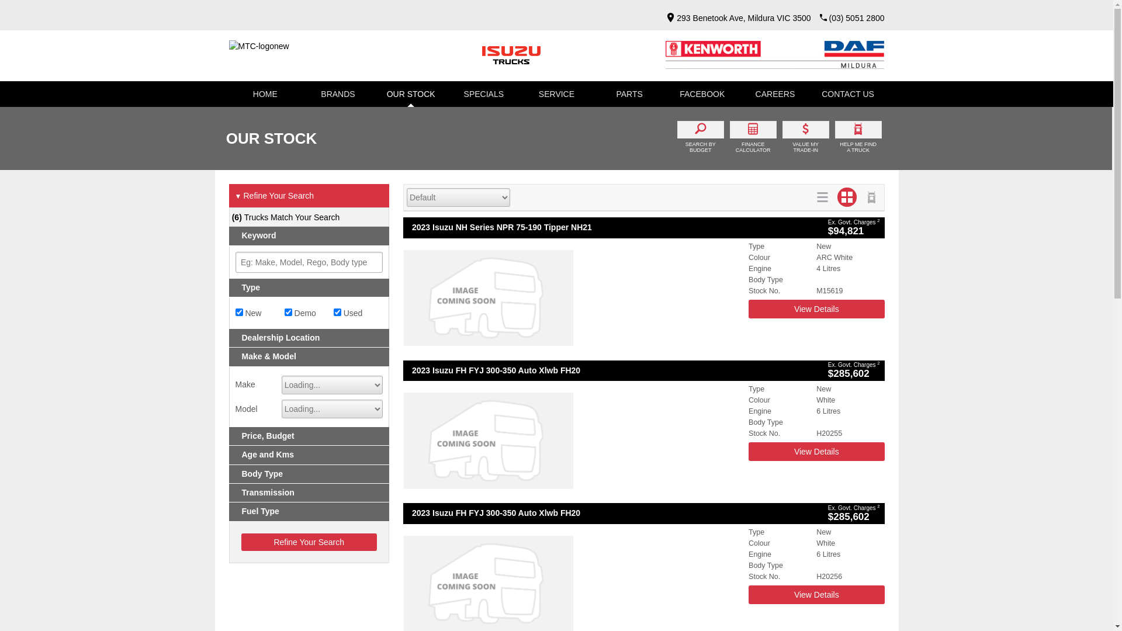 The width and height of the screenshot is (1122, 631). What do you see at coordinates (337, 93) in the screenshot?
I see `'BRANDS'` at bounding box center [337, 93].